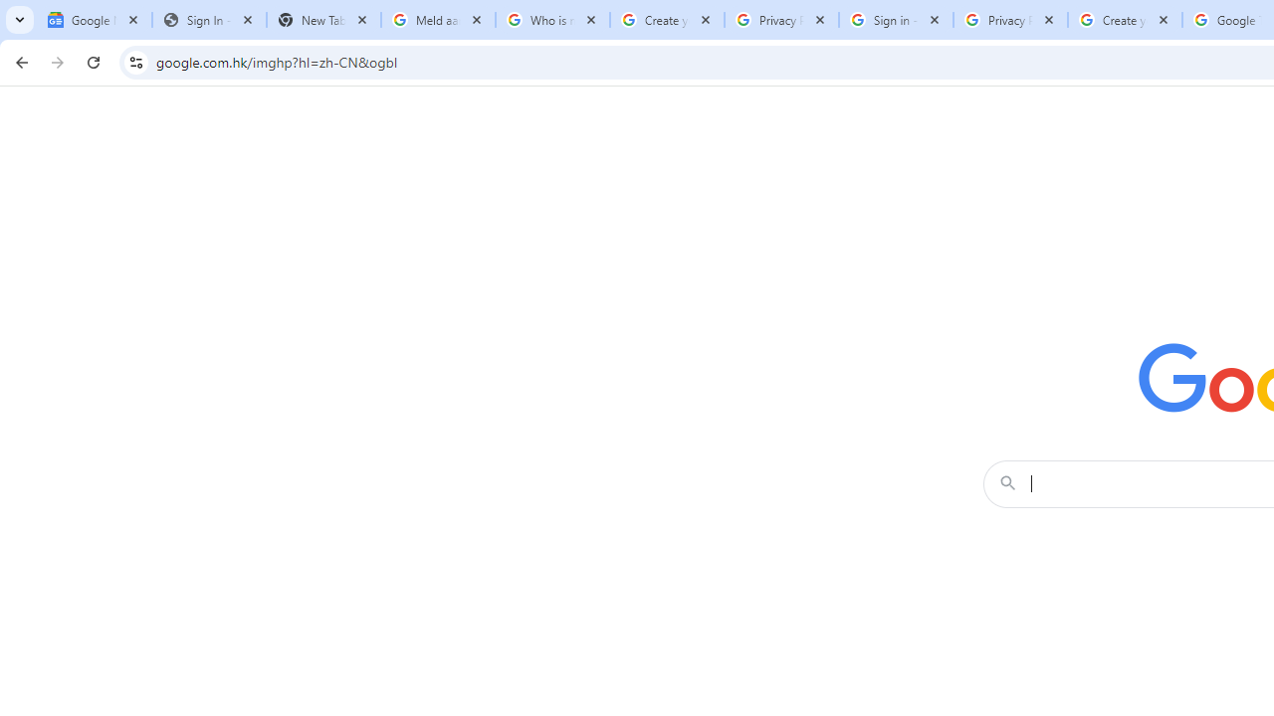 The height and width of the screenshot is (716, 1274). Describe the element at coordinates (552, 20) in the screenshot. I see `'Who is my administrator? - Google Account Help'` at that location.